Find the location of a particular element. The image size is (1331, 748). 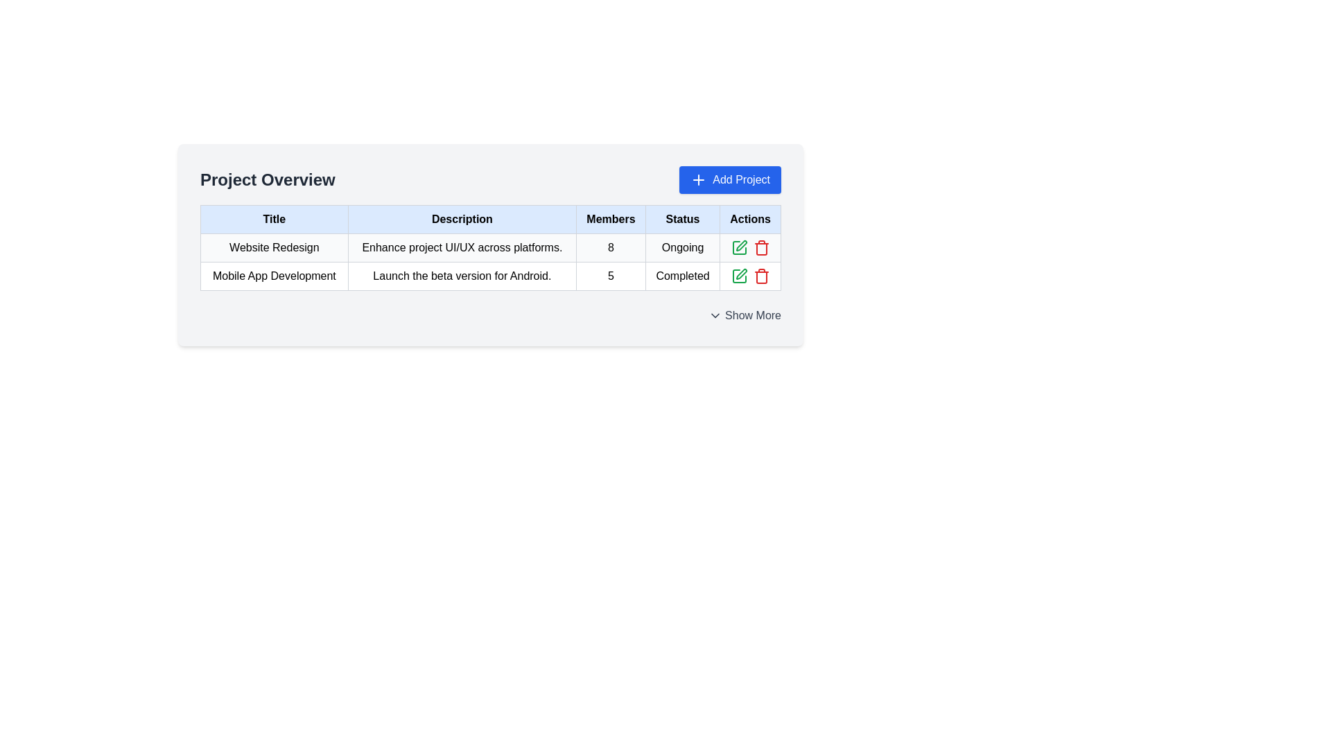

the edit button located in the 'Actions' column of the second row in the table to change its color for visual feedback is located at coordinates (738, 247).